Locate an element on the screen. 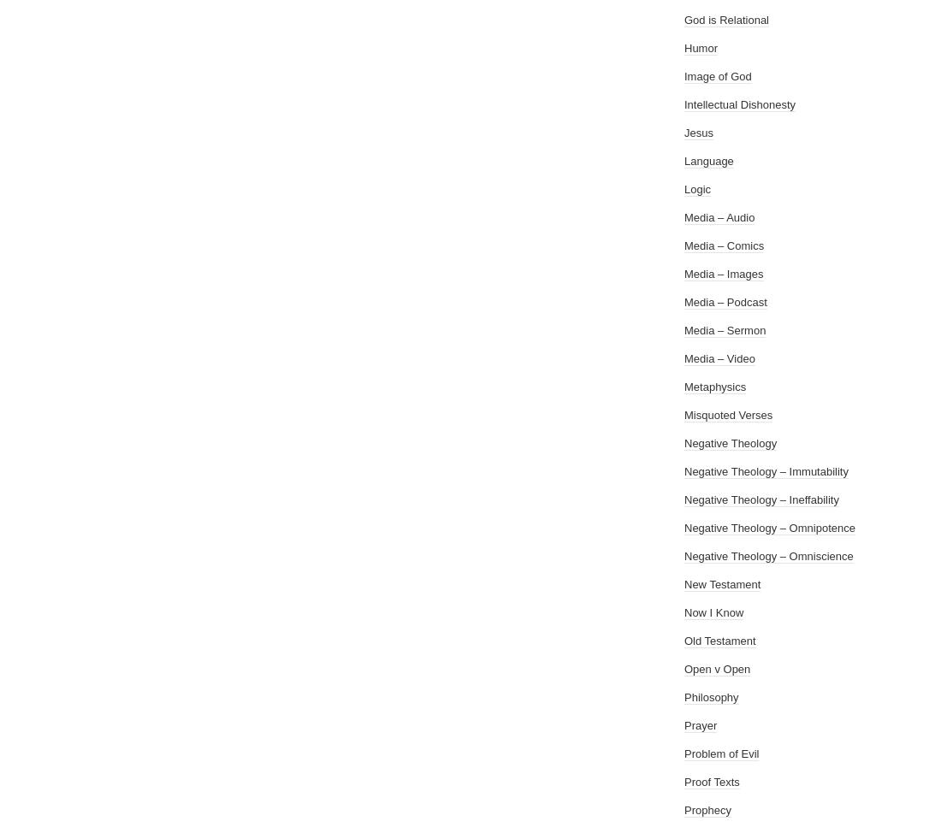 The width and height of the screenshot is (941, 833). 'New Testament' is located at coordinates (721, 584).